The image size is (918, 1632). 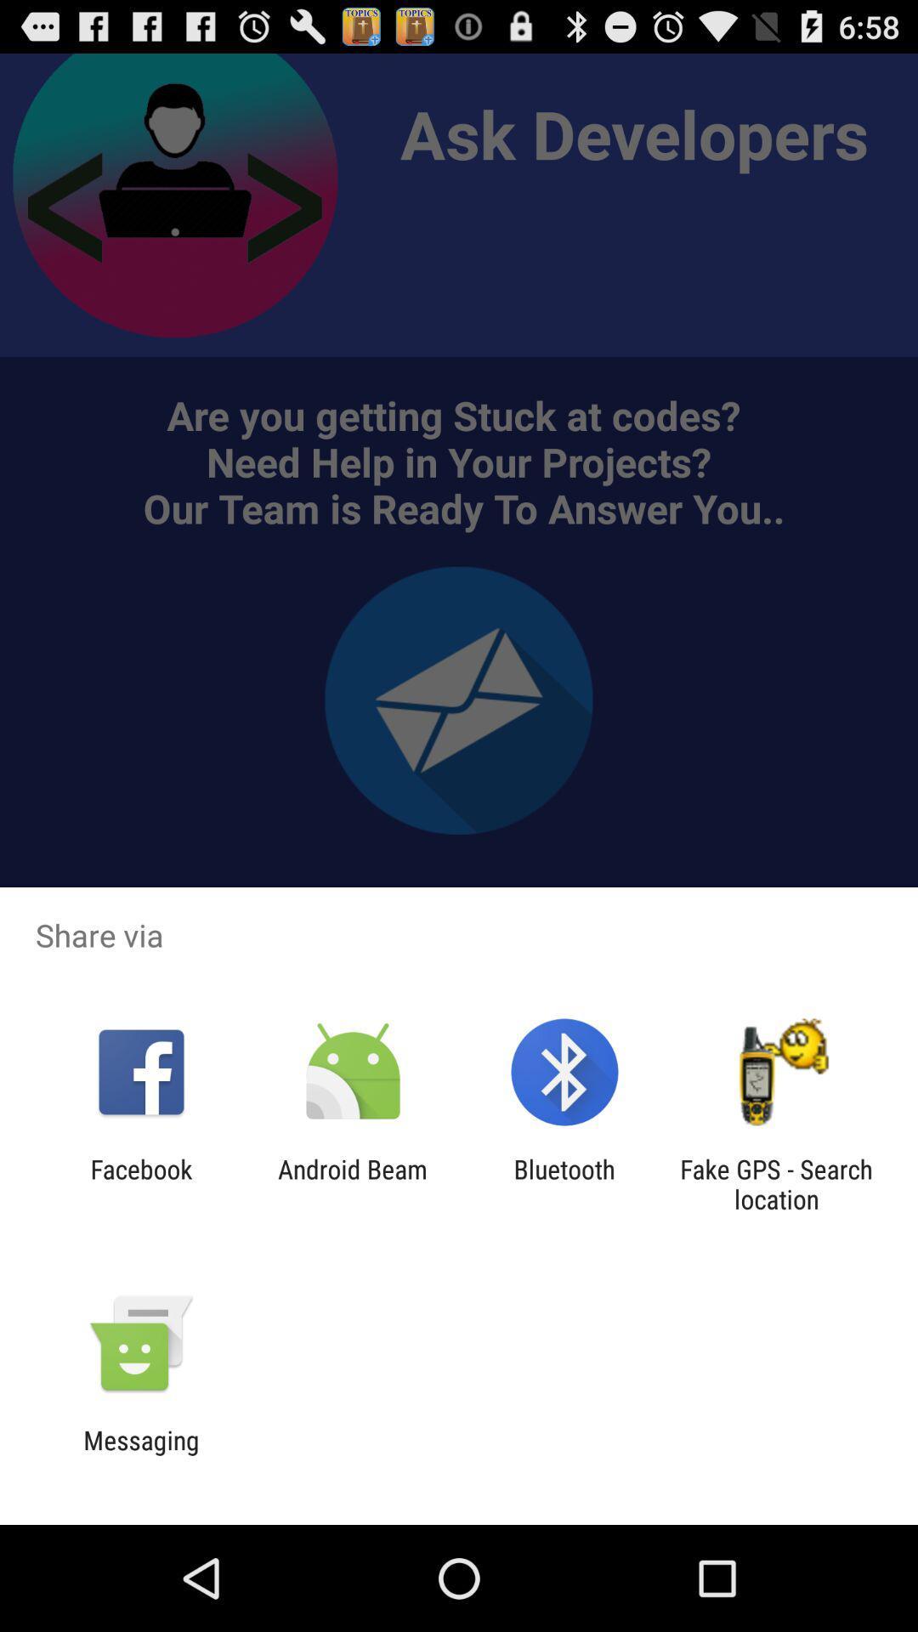 I want to click on the icon to the left of the bluetooth item, so click(x=352, y=1183).